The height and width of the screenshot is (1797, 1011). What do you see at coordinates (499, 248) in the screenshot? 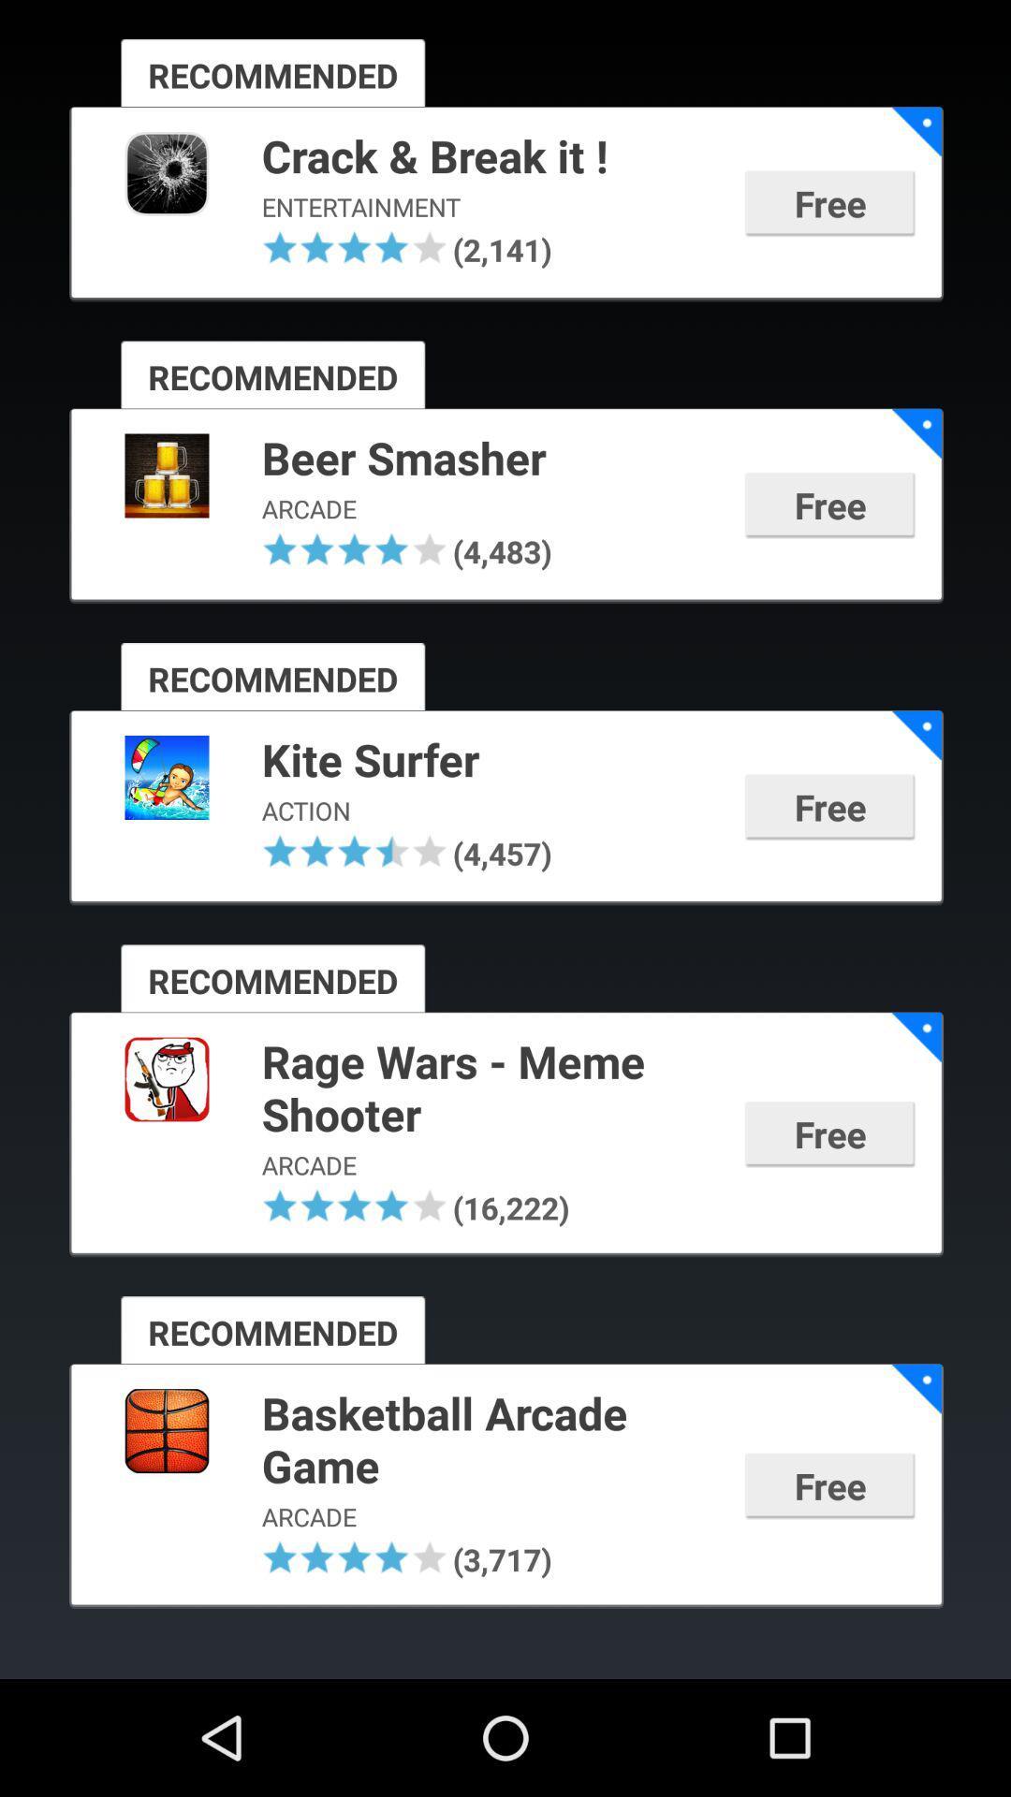
I see `the app below entertainment` at bounding box center [499, 248].